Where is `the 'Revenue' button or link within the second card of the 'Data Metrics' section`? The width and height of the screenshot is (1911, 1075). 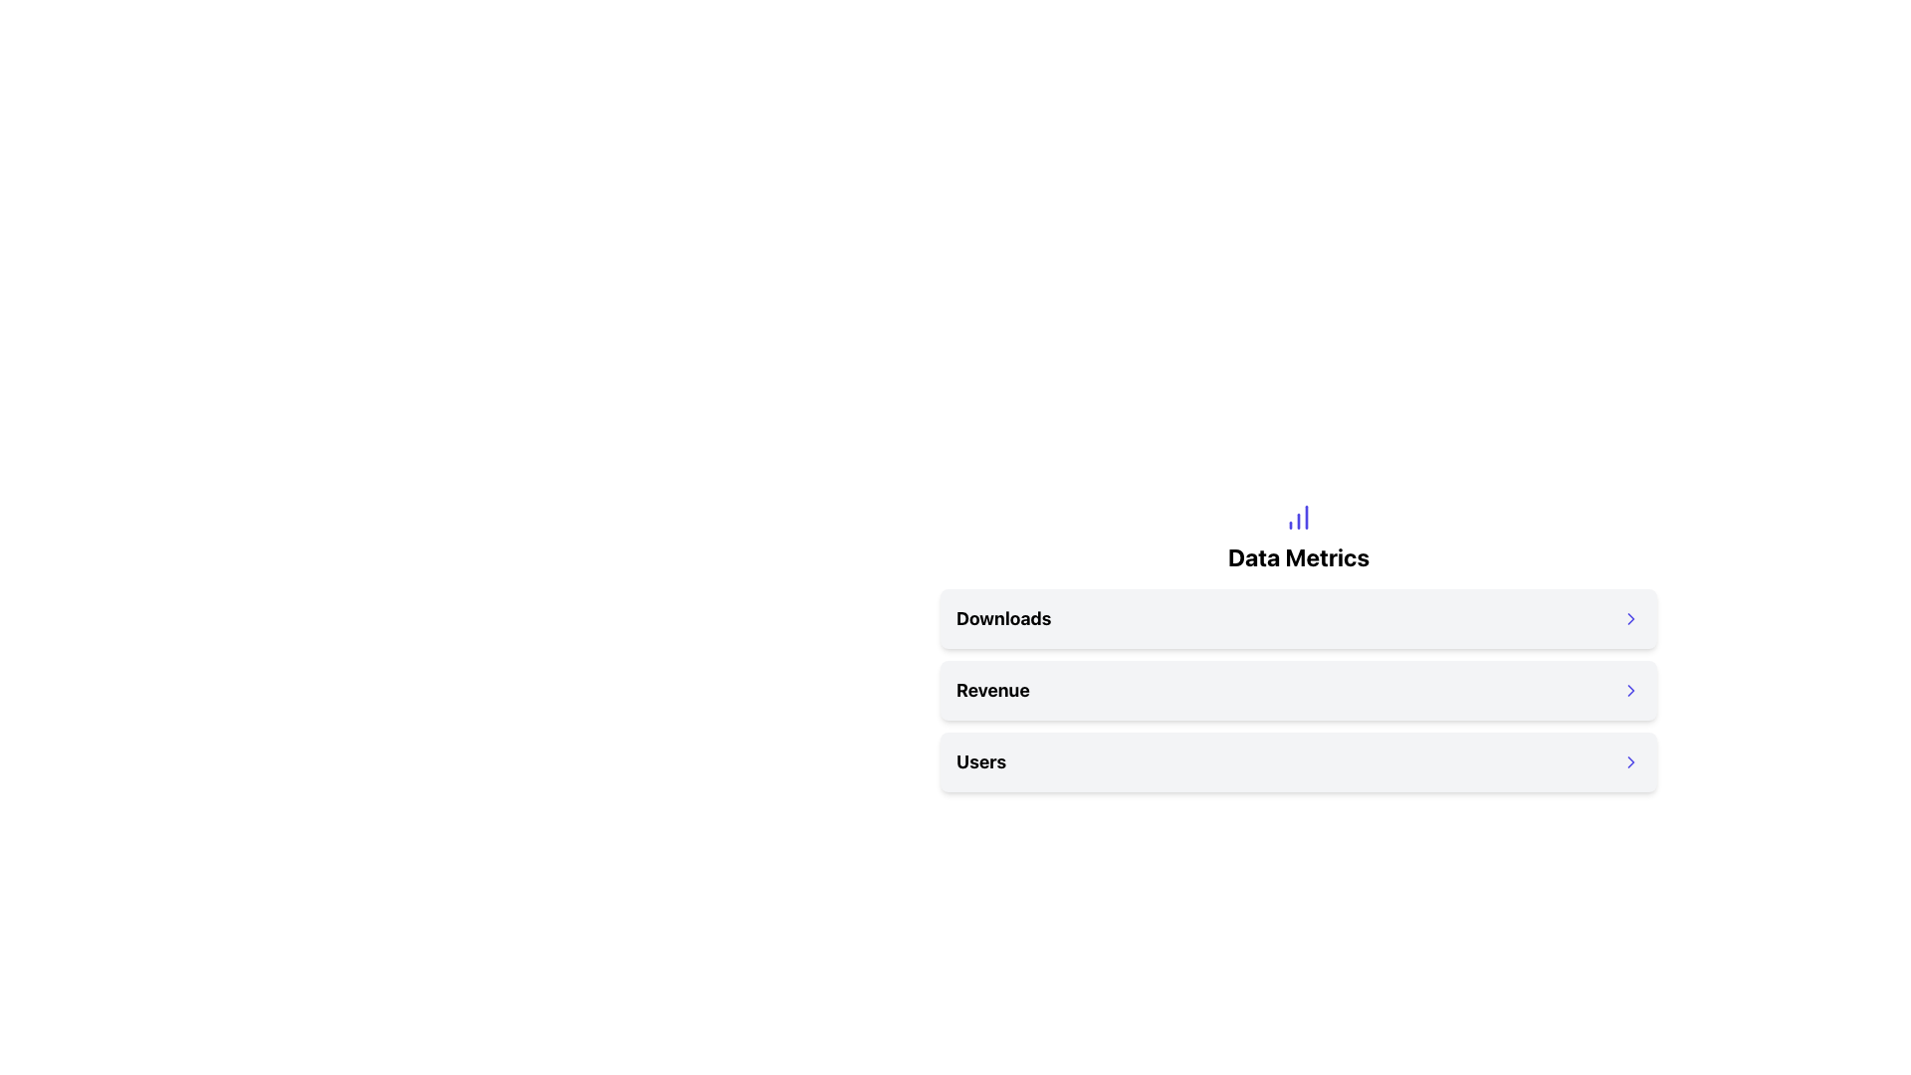
the 'Revenue' button or link within the second card of the 'Data Metrics' section is located at coordinates (1299, 690).